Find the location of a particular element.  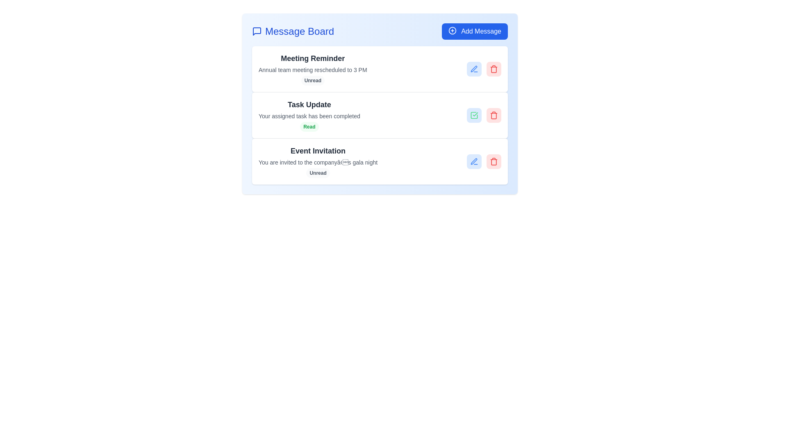

information displayed in the 'Meeting Reminder' text block with the 'Unread' badge at the top of the 'Message Board' section is located at coordinates (312, 69).